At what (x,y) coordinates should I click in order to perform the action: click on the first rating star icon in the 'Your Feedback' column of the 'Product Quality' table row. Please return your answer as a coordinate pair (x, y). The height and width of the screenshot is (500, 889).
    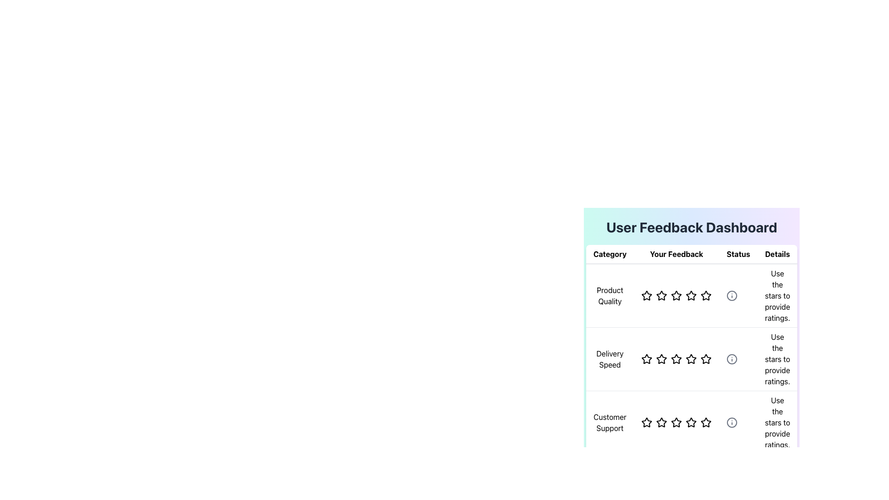
    Looking at the image, I should click on (646, 296).